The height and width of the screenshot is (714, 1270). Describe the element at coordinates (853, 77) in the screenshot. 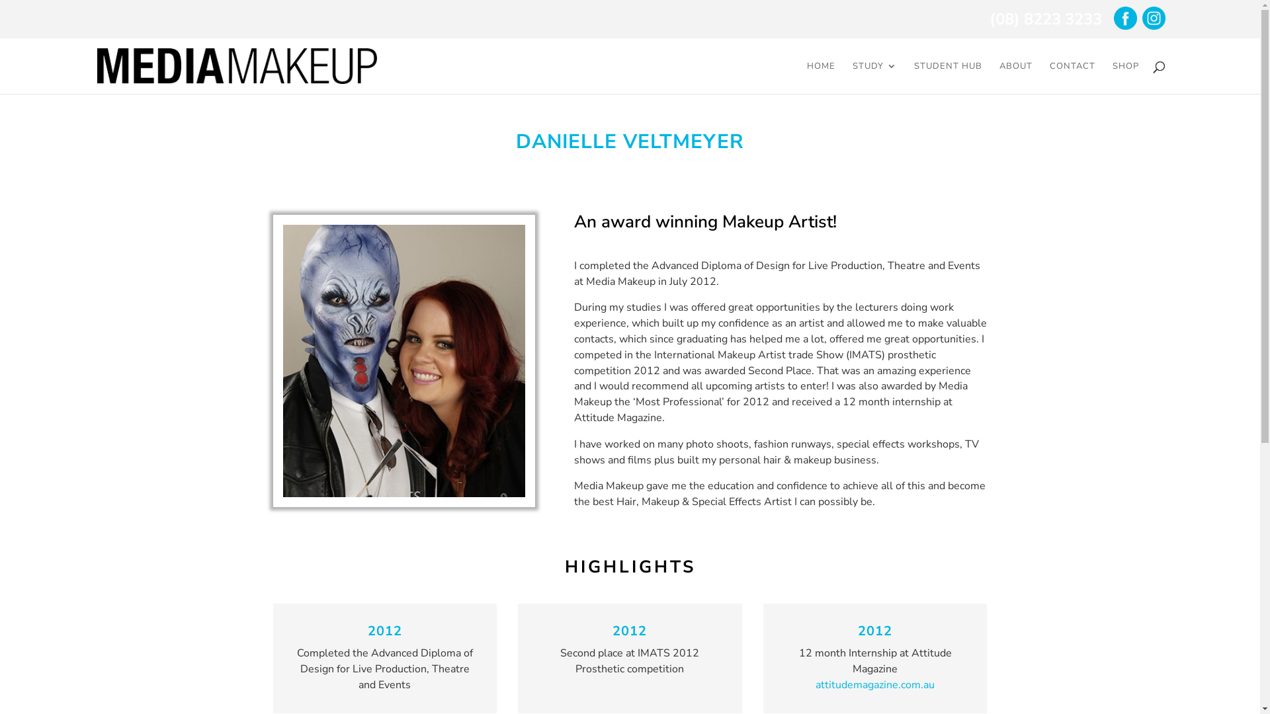

I see `'STUDY'` at that location.